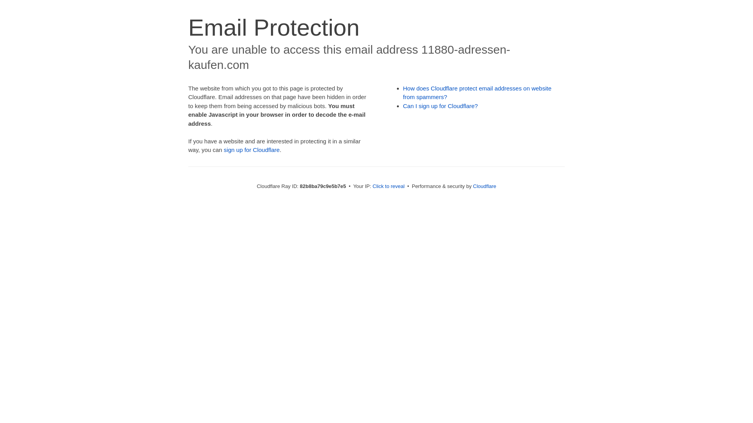 This screenshot has height=423, width=753. Describe the element at coordinates (388, 186) in the screenshot. I see `'Click to reveal'` at that location.